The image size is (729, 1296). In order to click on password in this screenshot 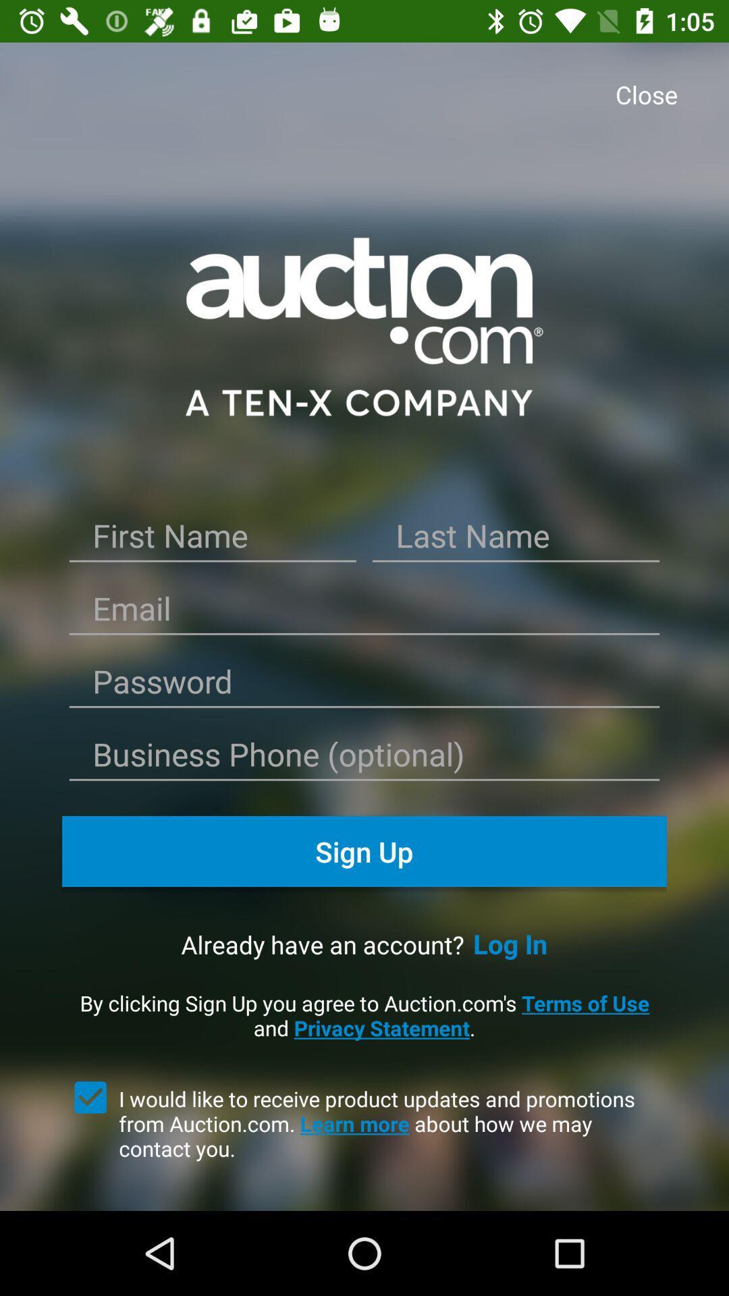, I will do `click(364, 686)`.